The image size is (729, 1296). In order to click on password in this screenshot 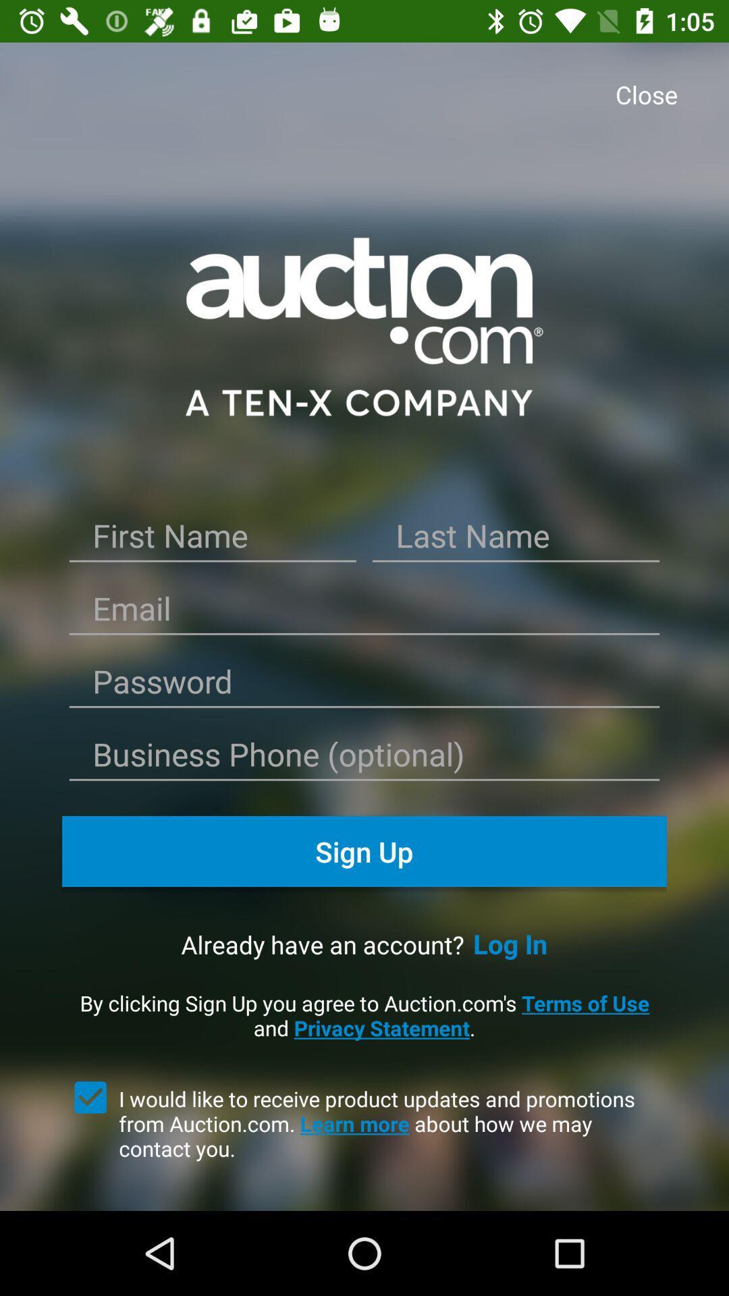, I will do `click(364, 686)`.